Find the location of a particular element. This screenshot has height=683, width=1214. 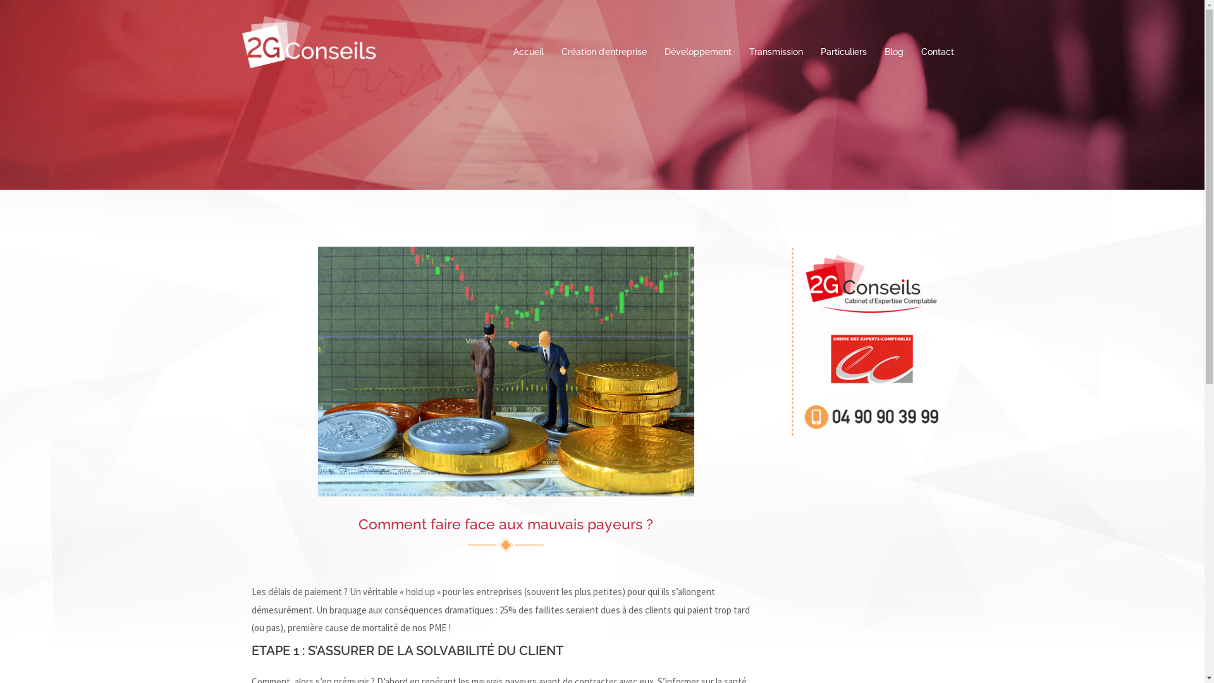

'Accueil' is located at coordinates (528, 51).